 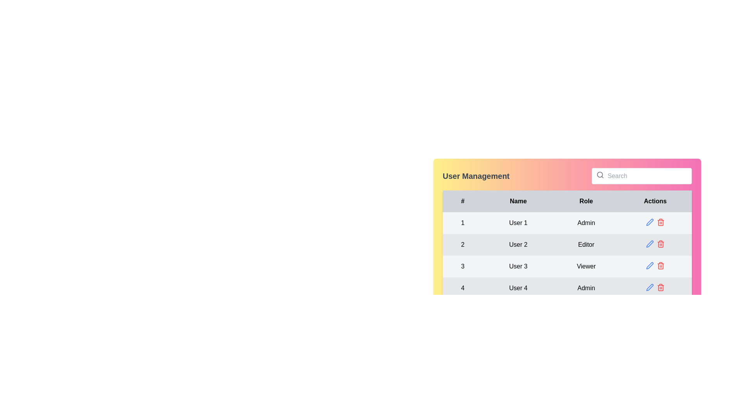 What do you see at coordinates (463, 288) in the screenshot?
I see `the static text label displaying the number '4' in the last row of the User Management table, which is prominently styled in bold black on a light gray background` at bounding box center [463, 288].